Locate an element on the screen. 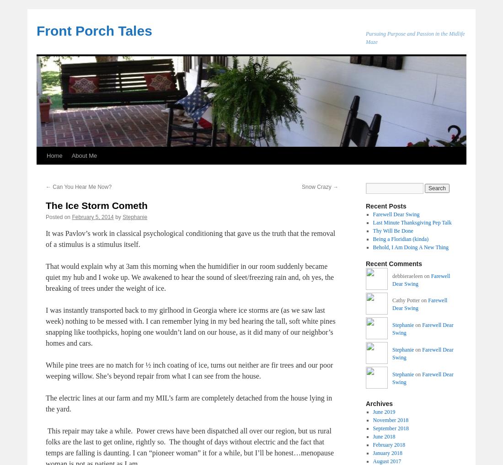  'That would explain why at 3am this morning when the humidifier in our room suddenly became quiet my hub and I woke up. We awakened to hear the sound of sleet/freezing rain and, oh yes, the breaking of trees under the weight of ice.' is located at coordinates (189, 277).